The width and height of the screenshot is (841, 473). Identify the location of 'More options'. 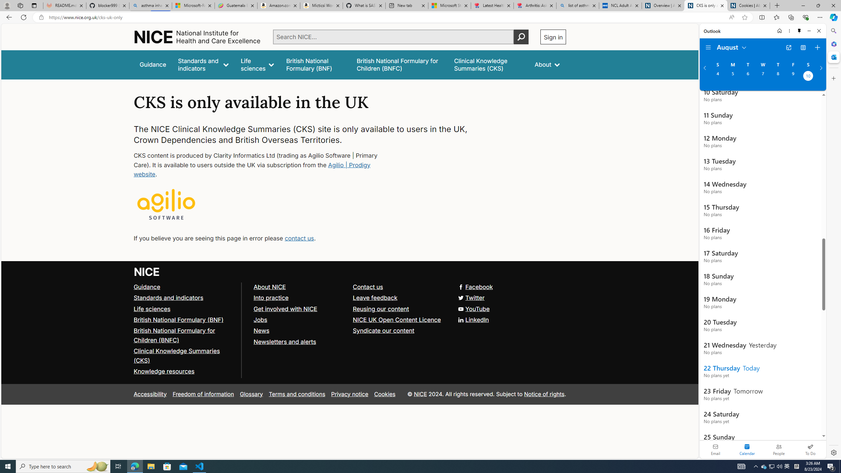
(789, 31).